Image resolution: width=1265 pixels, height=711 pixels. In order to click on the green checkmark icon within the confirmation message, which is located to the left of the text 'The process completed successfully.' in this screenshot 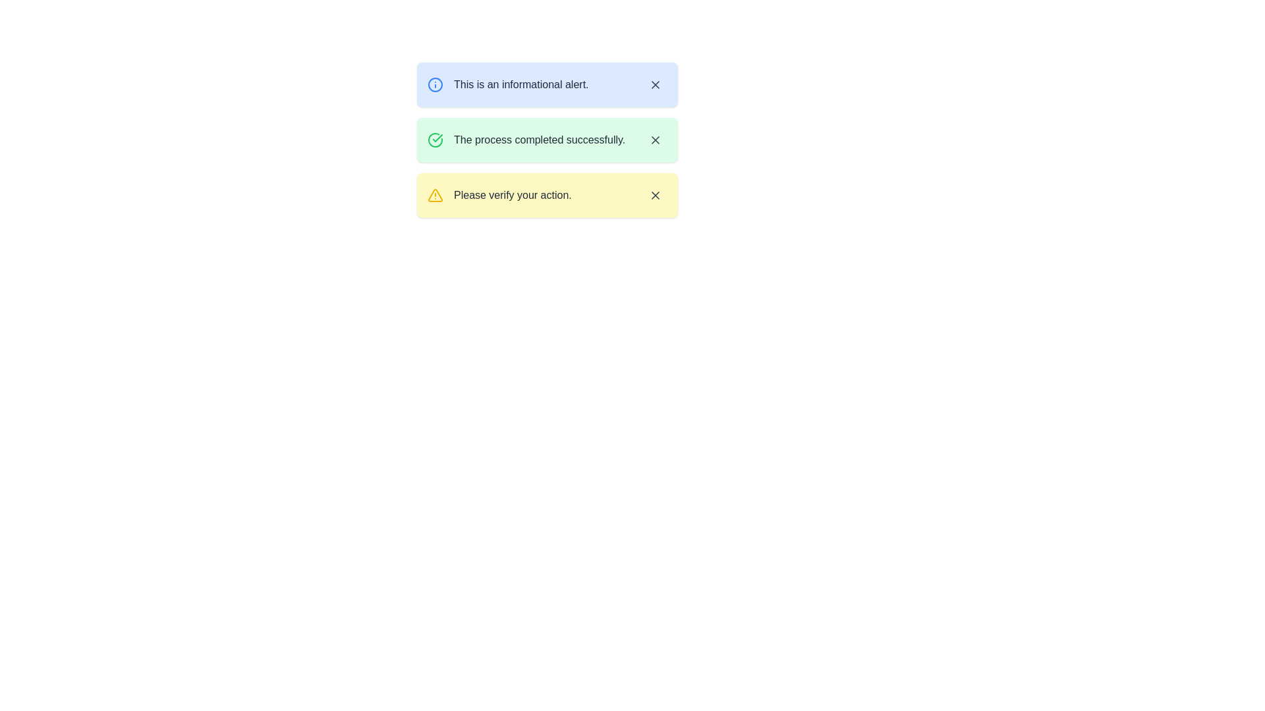, I will do `click(437, 138)`.